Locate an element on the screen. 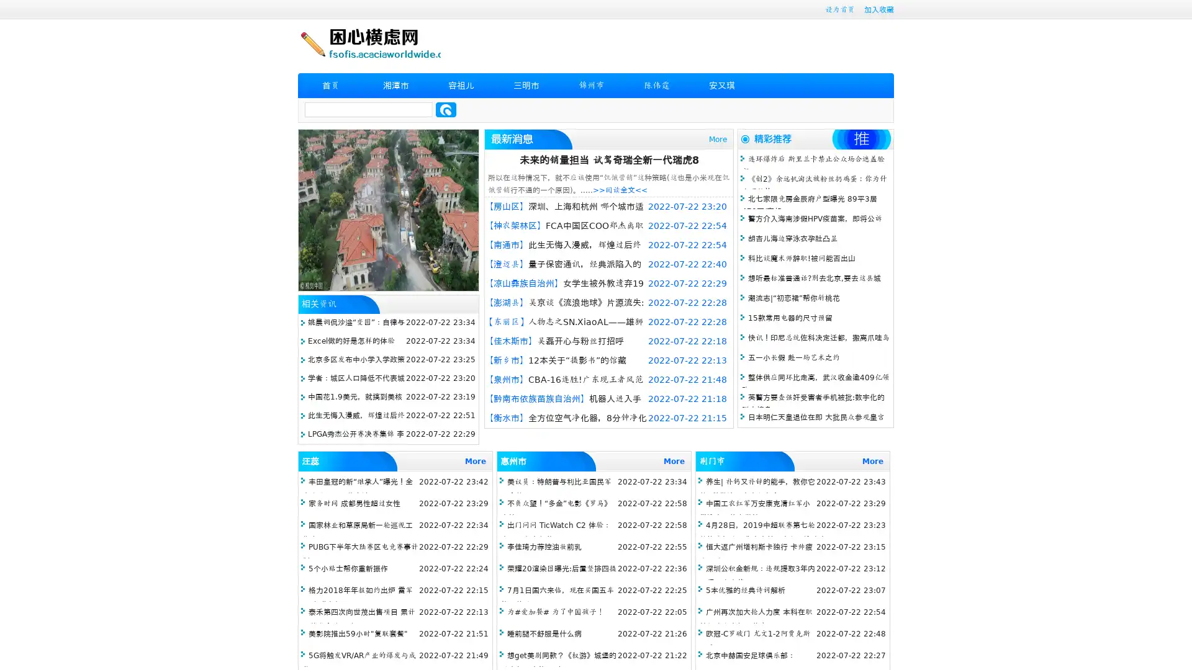  Search is located at coordinates (446, 109).